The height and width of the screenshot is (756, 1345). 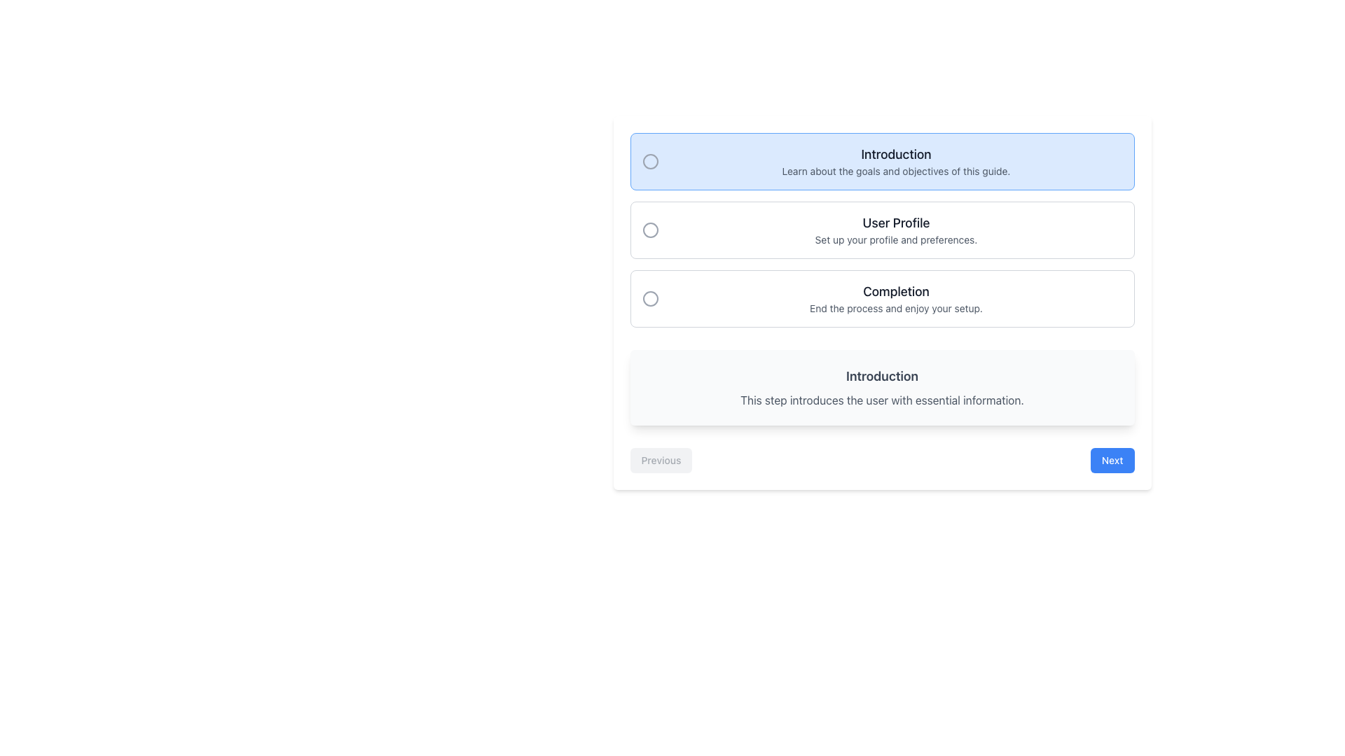 What do you see at coordinates (895, 223) in the screenshot?
I see `the 'User Profile' text label, which is styled in a larger bold font and colored dark gray, serving as the title of an option within a list of elements` at bounding box center [895, 223].